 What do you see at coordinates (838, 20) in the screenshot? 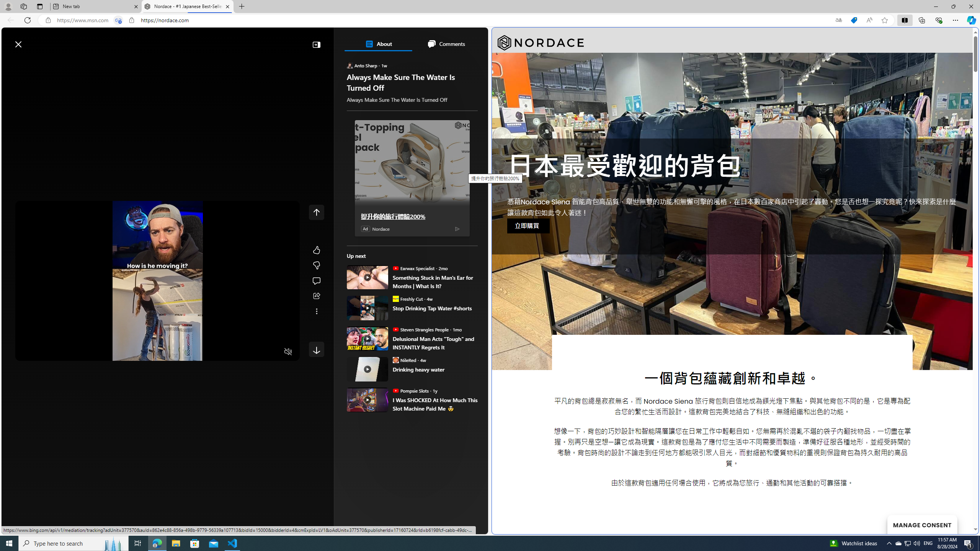
I see `'Show translate options'` at bounding box center [838, 20].